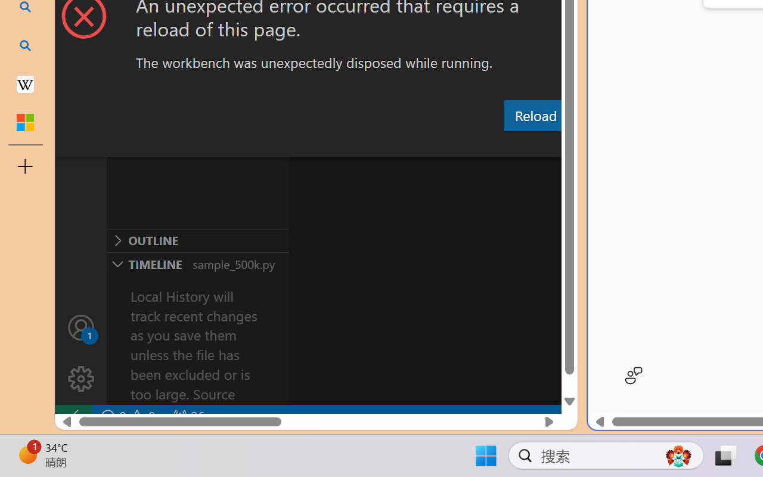 The image size is (763, 477). I want to click on 'Manage', so click(80, 352).